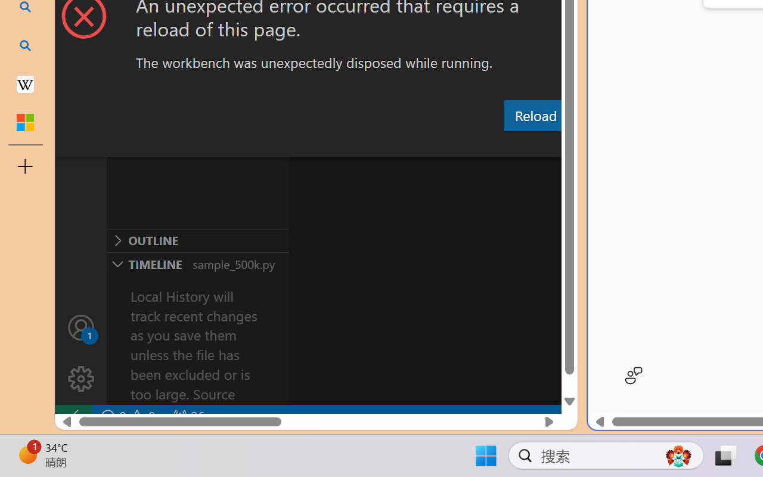 The image size is (763, 477). I want to click on 'Manage', so click(80, 352).